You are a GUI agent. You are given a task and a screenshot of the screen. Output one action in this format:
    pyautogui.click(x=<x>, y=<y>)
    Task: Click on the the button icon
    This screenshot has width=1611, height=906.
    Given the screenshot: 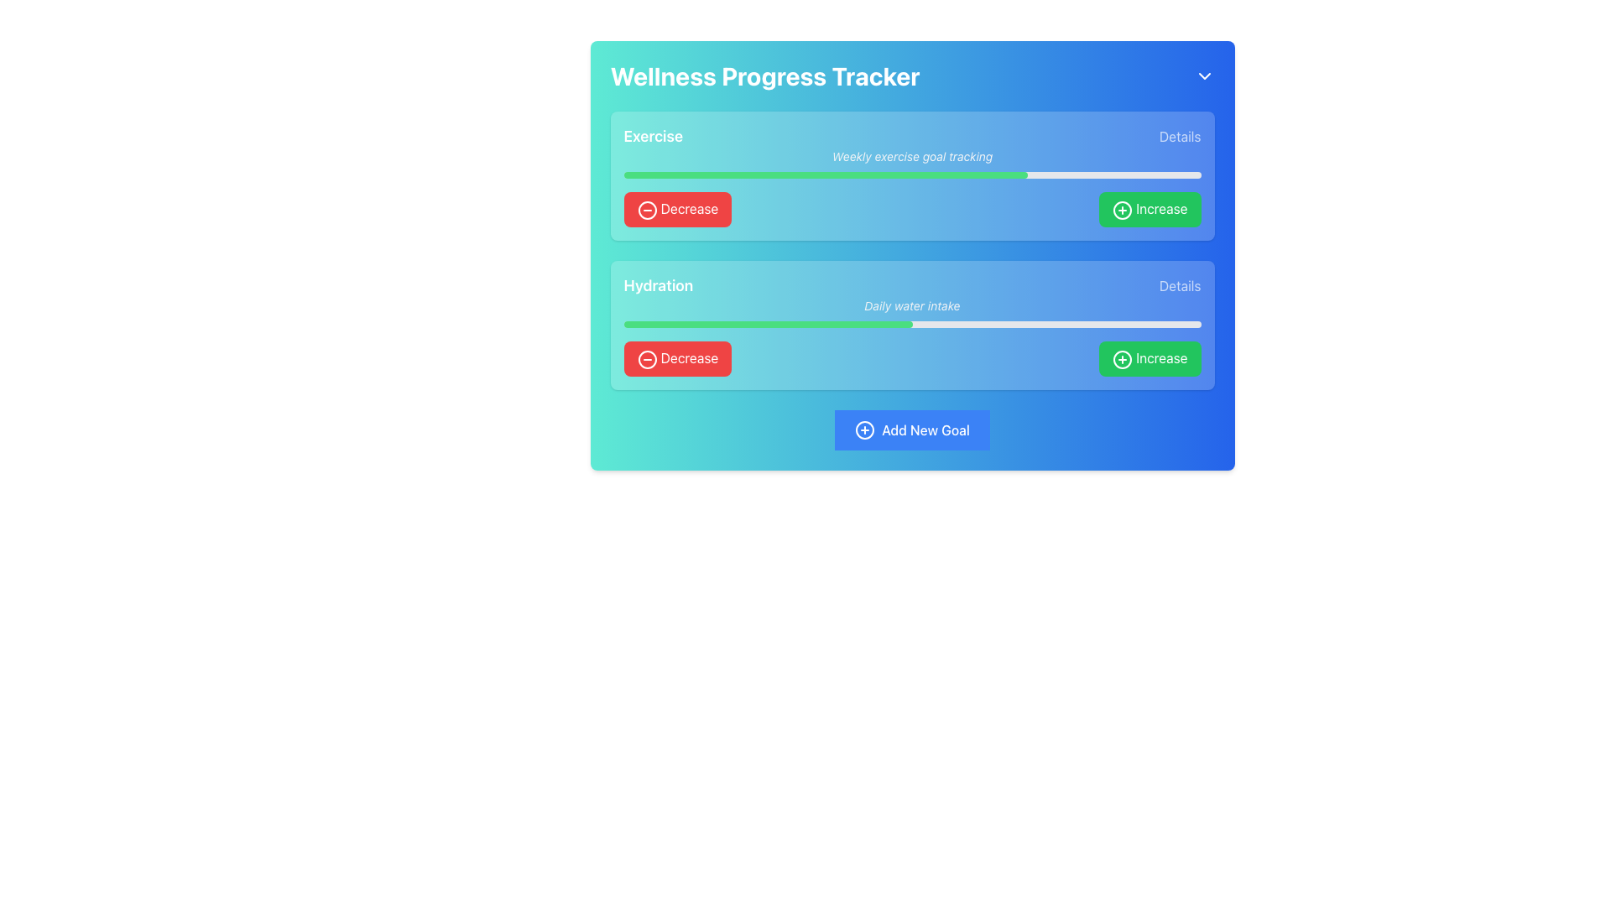 What is the action you would take?
    pyautogui.click(x=865, y=429)
    